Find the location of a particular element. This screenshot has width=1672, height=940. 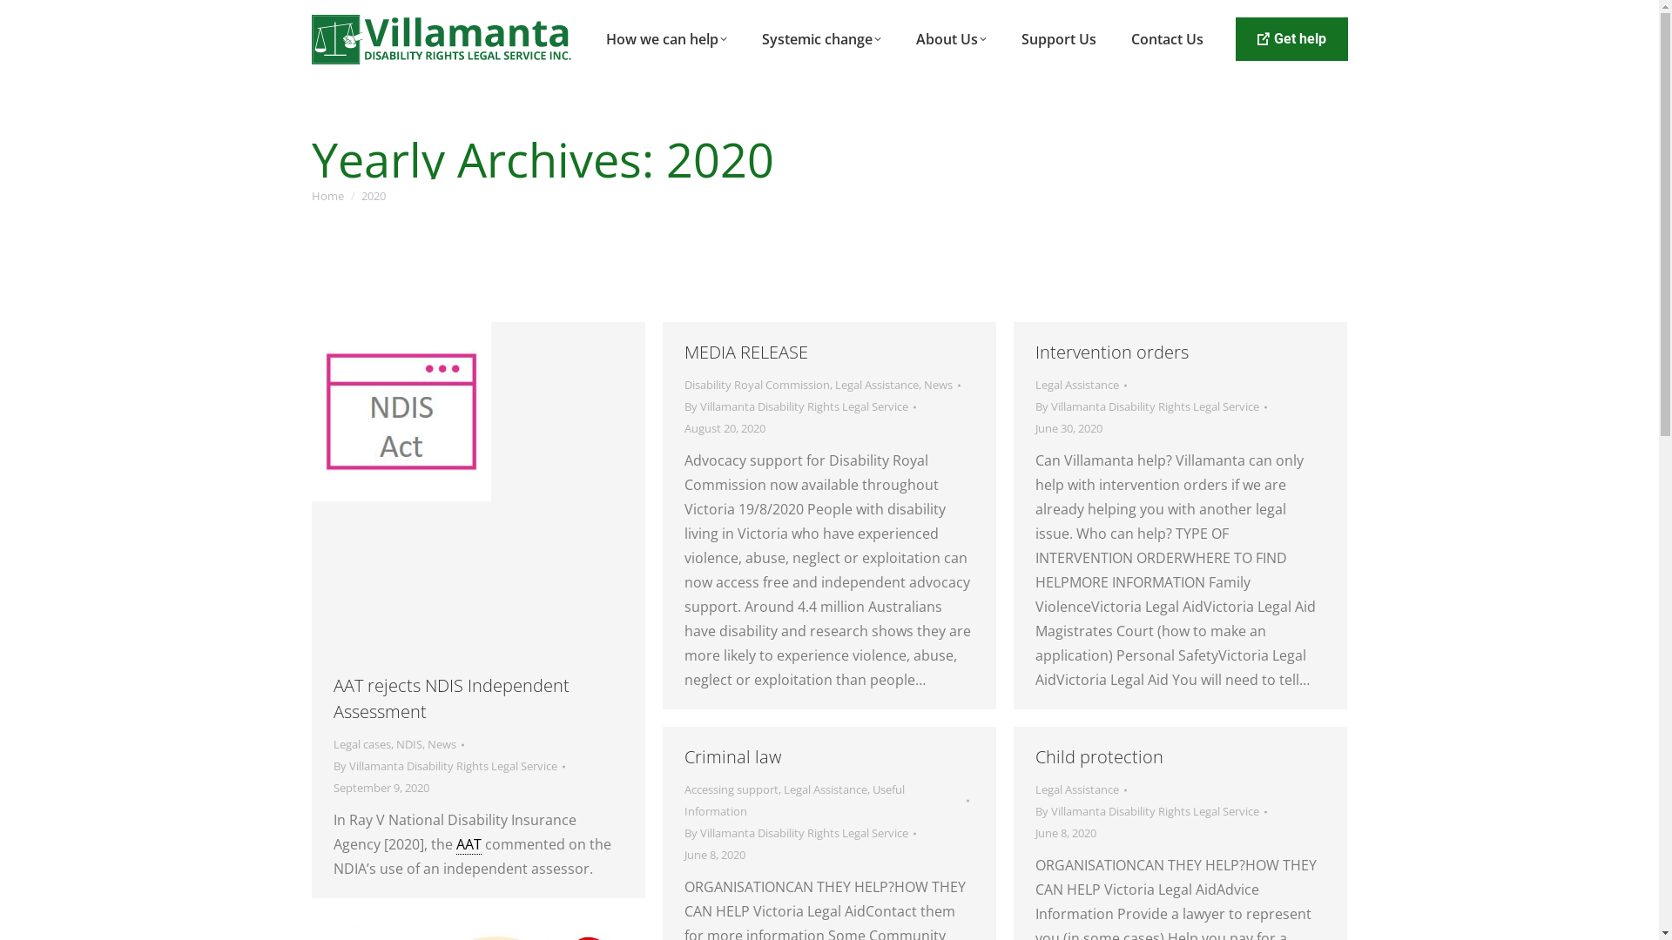

'Criminal law' is located at coordinates (732, 755).